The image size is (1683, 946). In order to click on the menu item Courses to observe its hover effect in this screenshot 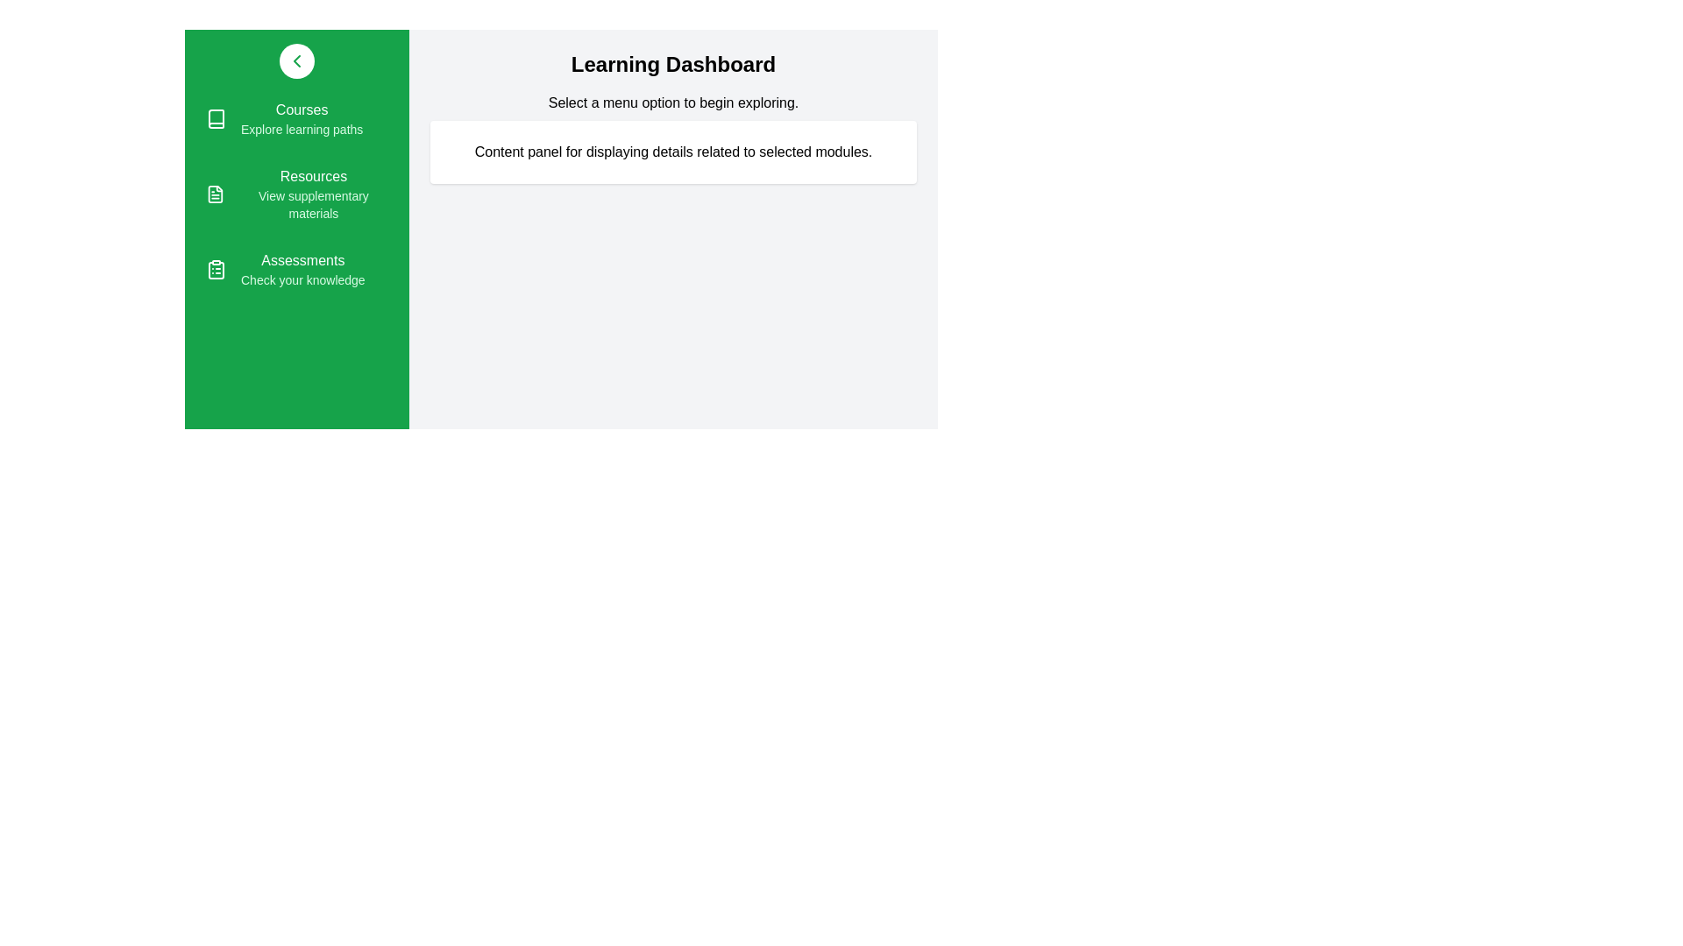, I will do `click(297, 118)`.